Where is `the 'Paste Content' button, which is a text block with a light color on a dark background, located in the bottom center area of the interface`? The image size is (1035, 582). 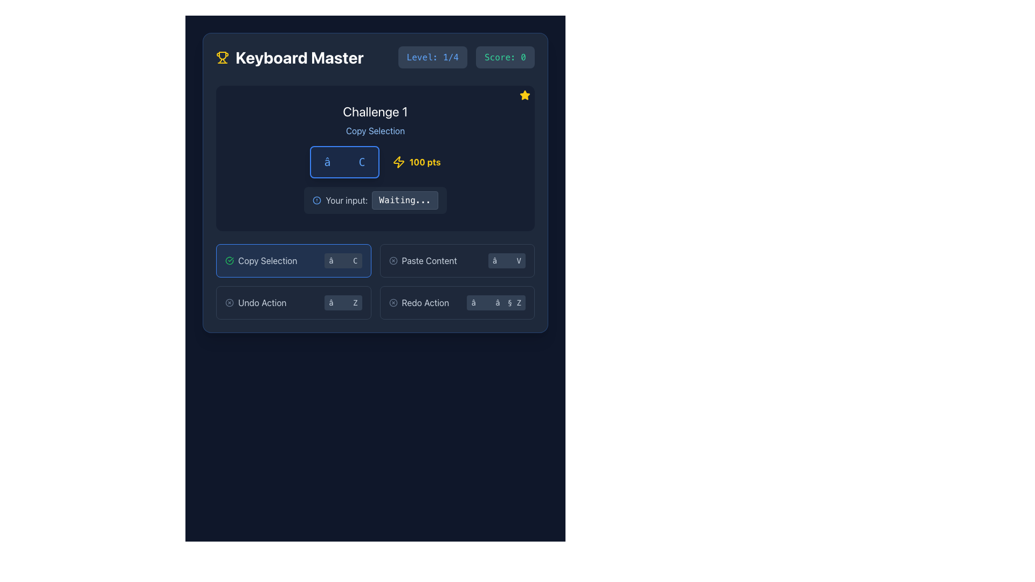
the 'Paste Content' button, which is a text block with a light color on a dark background, located in the bottom center area of the interface is located at coordinates (422, 260).